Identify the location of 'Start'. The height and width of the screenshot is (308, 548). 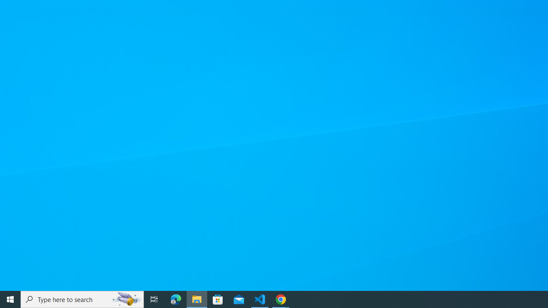
(10, 299).